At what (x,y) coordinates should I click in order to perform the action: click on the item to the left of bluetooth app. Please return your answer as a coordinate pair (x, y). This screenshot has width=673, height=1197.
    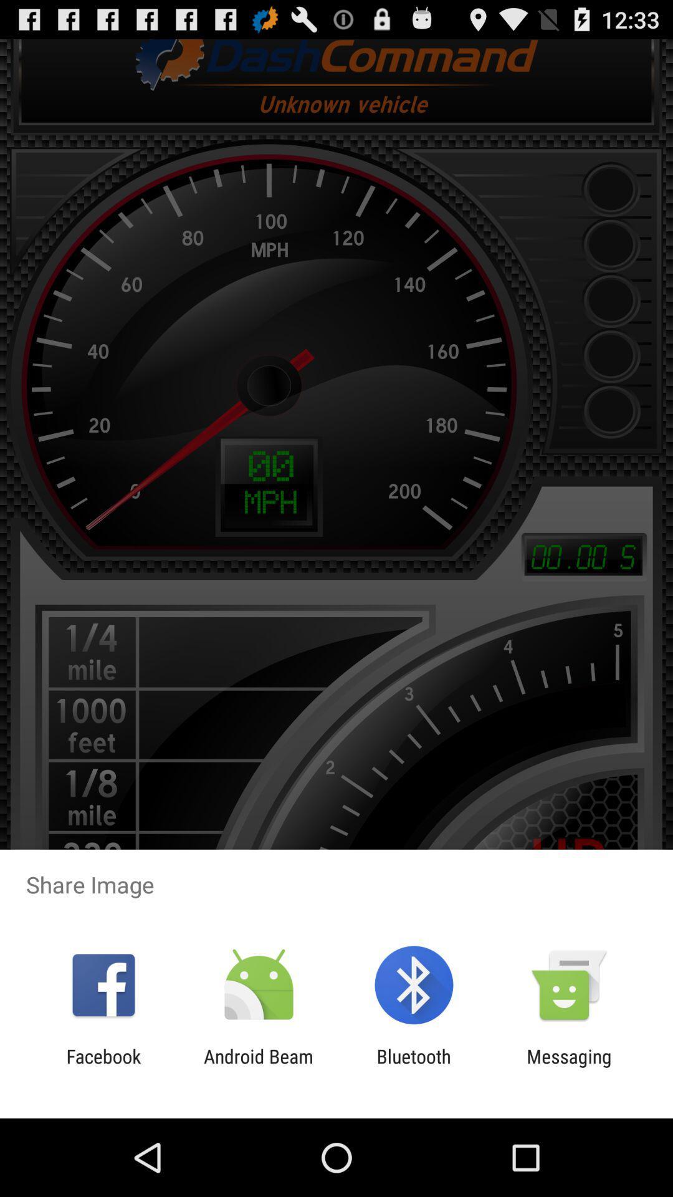
    Looking at the image, I should click on (258, 1067).